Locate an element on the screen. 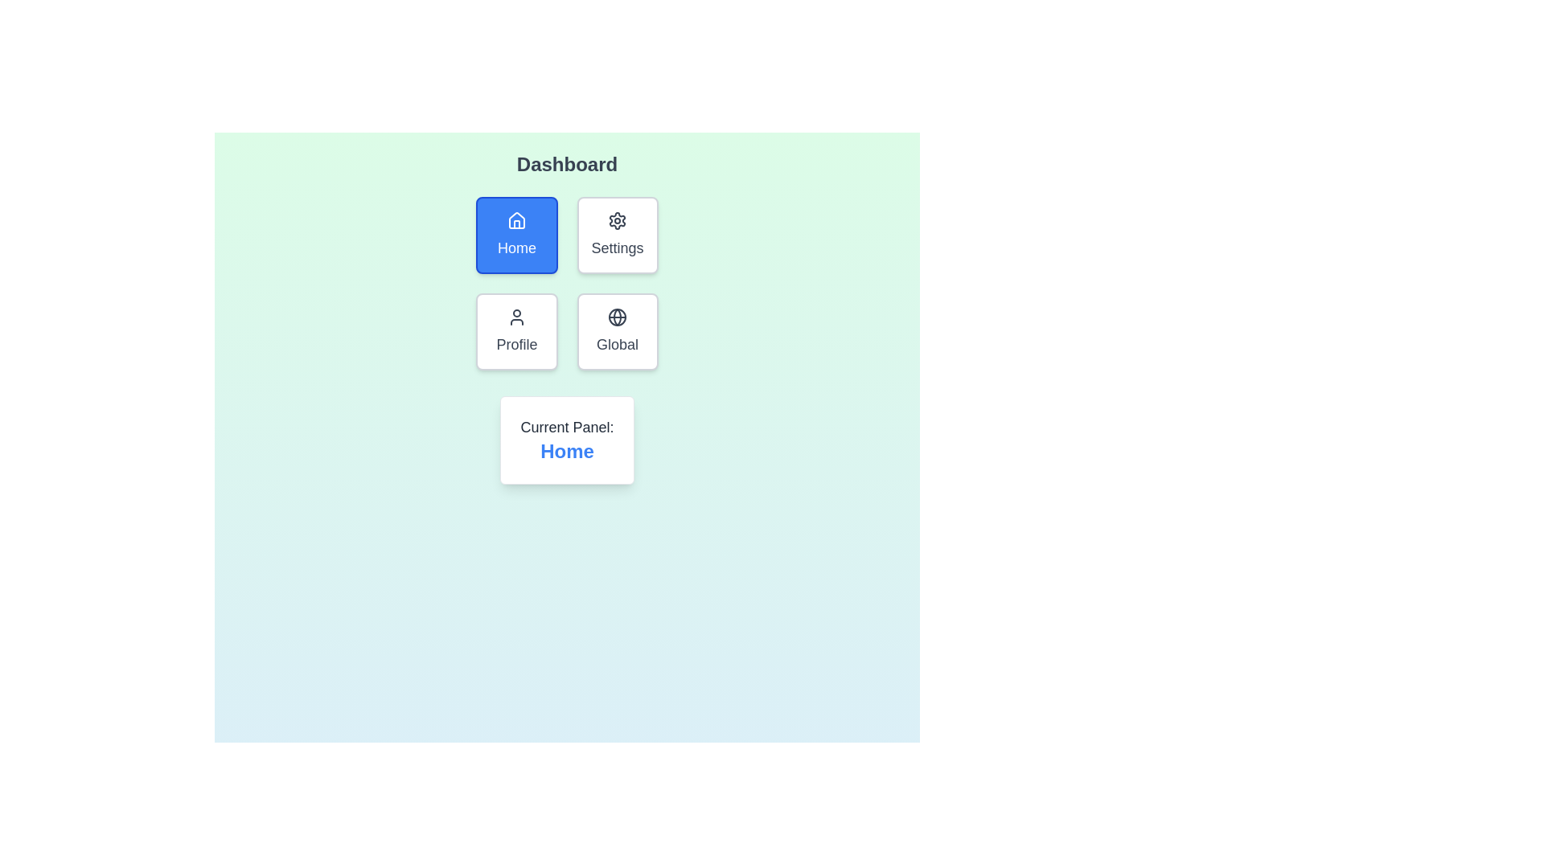  the button for the Global panel is located at coordinates (617, 330).